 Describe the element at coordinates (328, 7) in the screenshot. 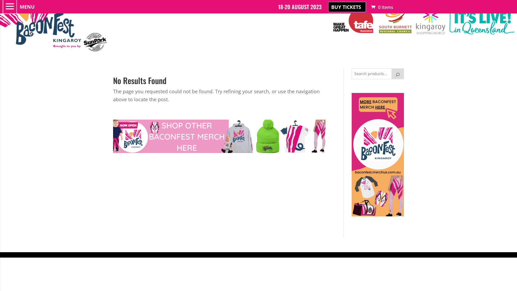

I see `'BUY TICKETS'` at that location.